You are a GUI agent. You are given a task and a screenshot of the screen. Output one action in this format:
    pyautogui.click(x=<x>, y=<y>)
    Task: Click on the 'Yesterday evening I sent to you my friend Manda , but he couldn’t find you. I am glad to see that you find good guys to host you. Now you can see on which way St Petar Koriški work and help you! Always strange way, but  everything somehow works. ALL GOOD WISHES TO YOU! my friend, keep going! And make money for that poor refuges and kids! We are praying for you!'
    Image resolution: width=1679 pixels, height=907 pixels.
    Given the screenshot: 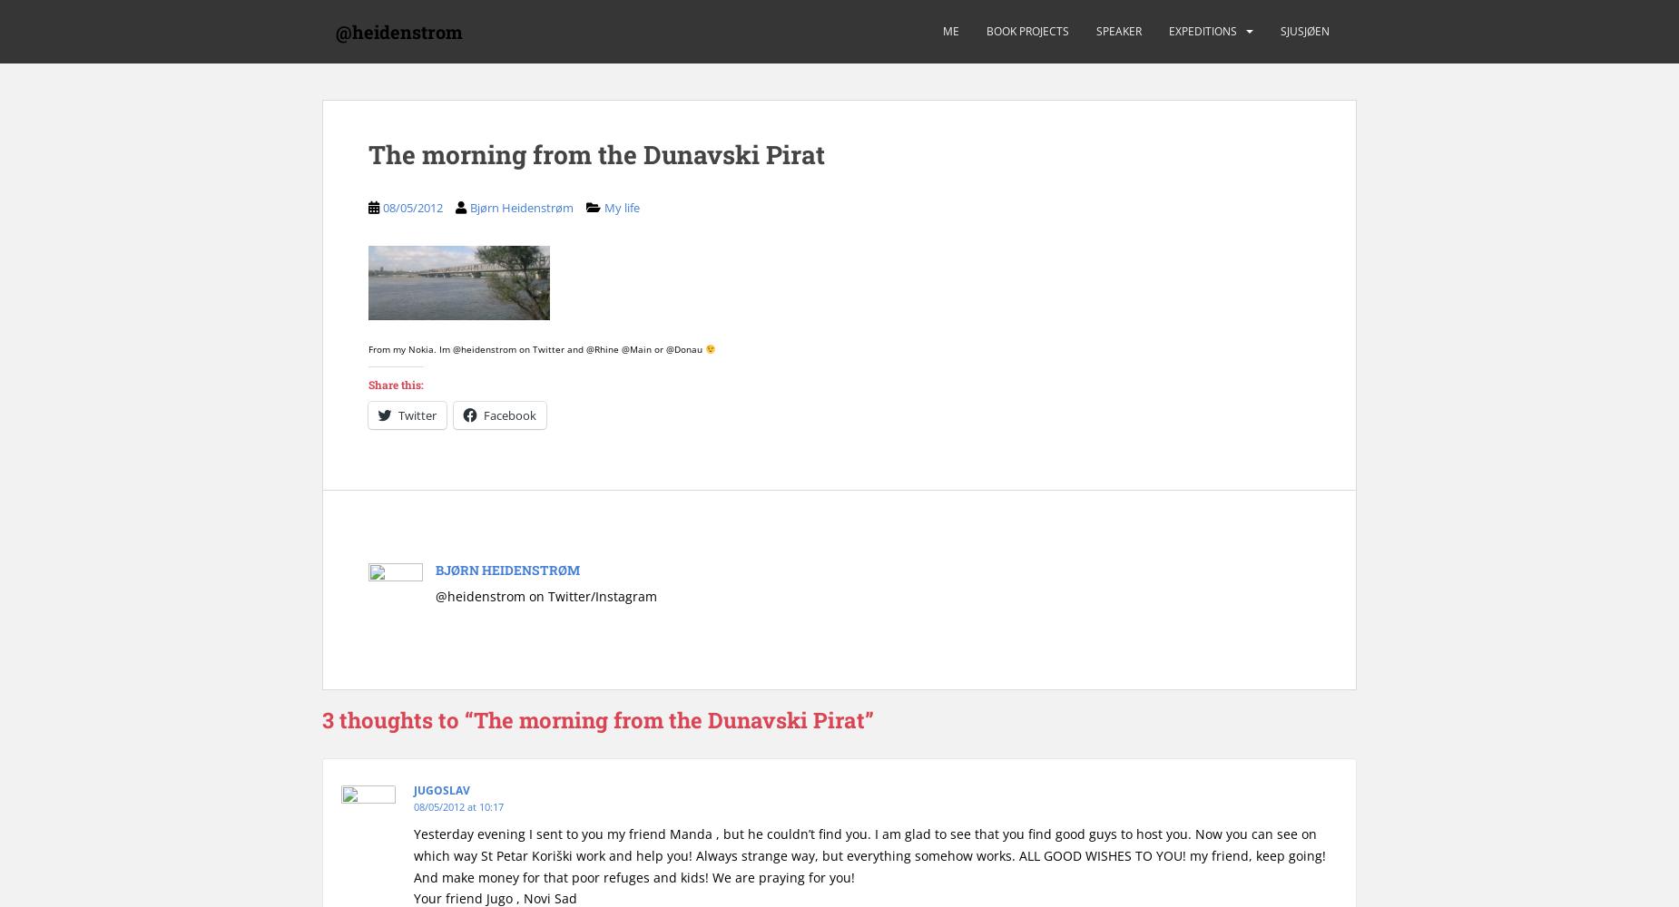 What is the action you would take?
    pyautogui.click(x=869, y=853)
    